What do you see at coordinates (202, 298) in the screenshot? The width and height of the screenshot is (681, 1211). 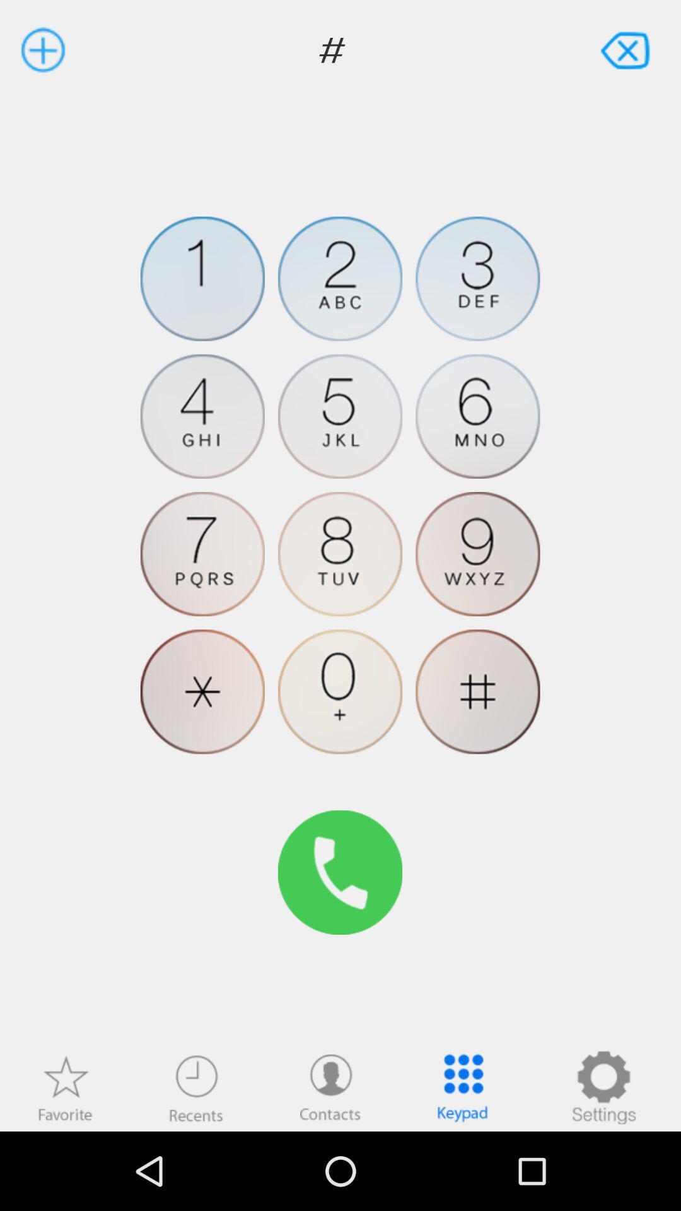 I see `the avatar icon` at bounding box center [202, 298].